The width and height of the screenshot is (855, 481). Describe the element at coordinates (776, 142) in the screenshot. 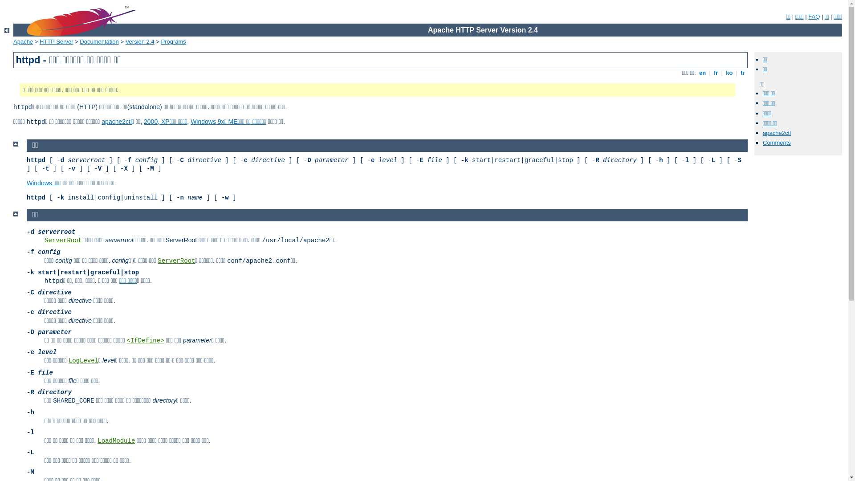

I see `'Comments'` at that location.